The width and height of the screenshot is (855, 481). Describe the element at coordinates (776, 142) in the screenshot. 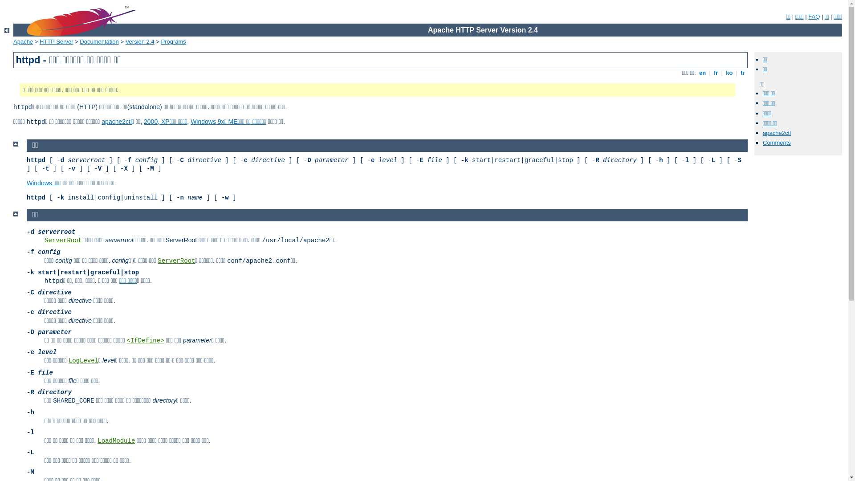

I see `'Comments'` at that location.